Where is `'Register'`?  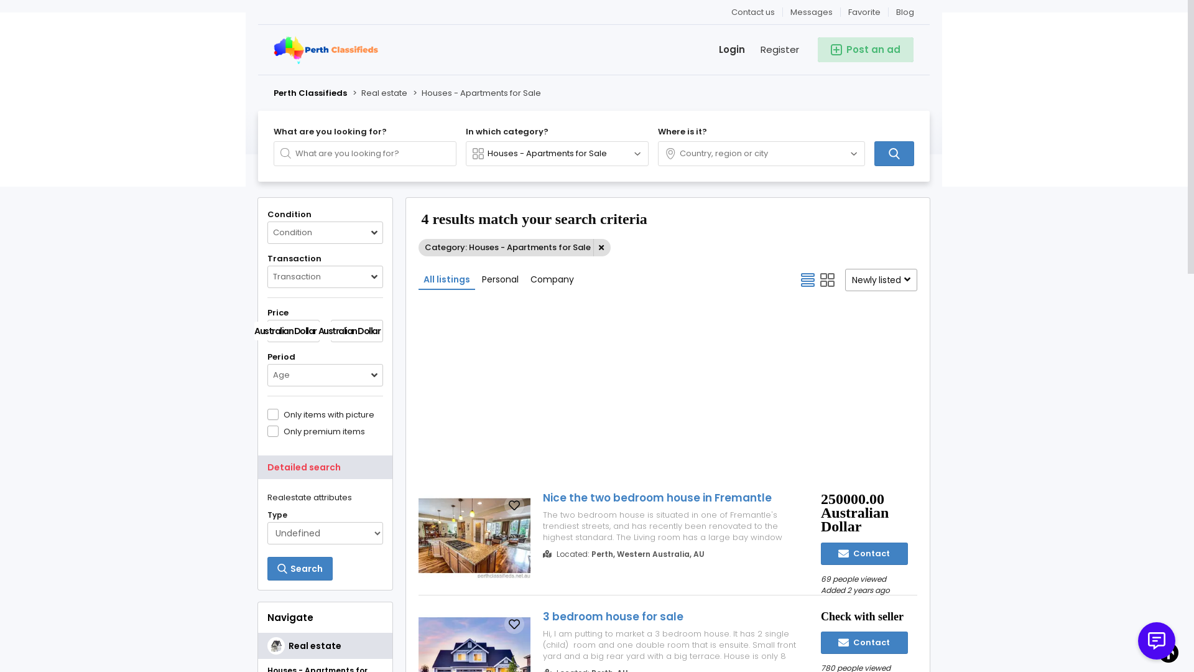 'Register' is located at coordinates (771, 49).